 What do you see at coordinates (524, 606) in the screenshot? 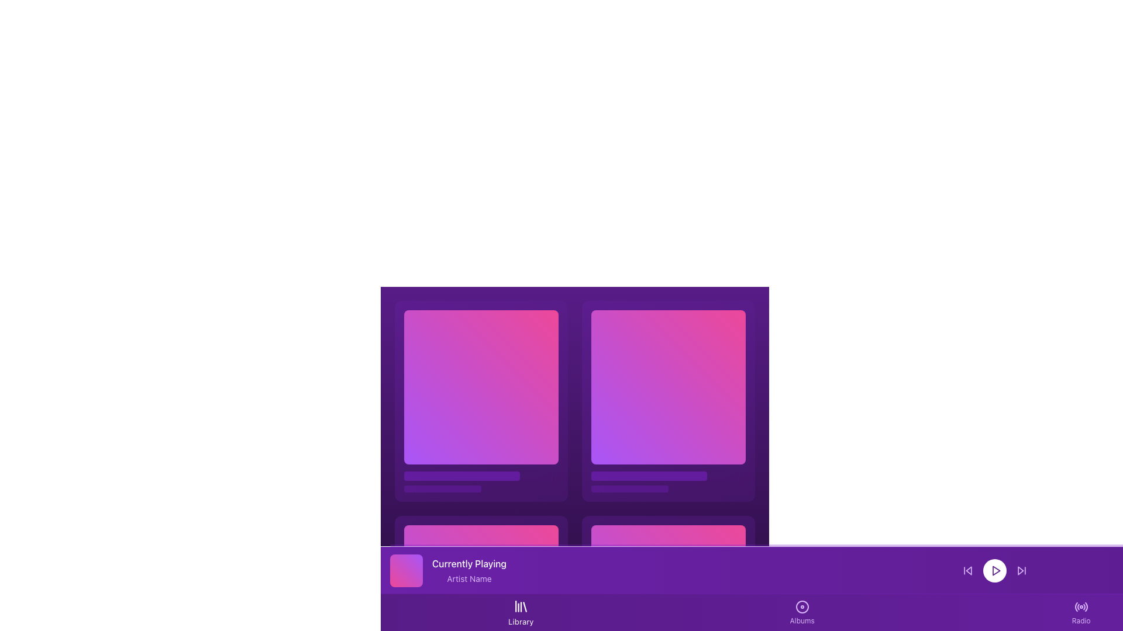
I see `the slanted line within the SVG graphic` at bounding box center [524, 606].